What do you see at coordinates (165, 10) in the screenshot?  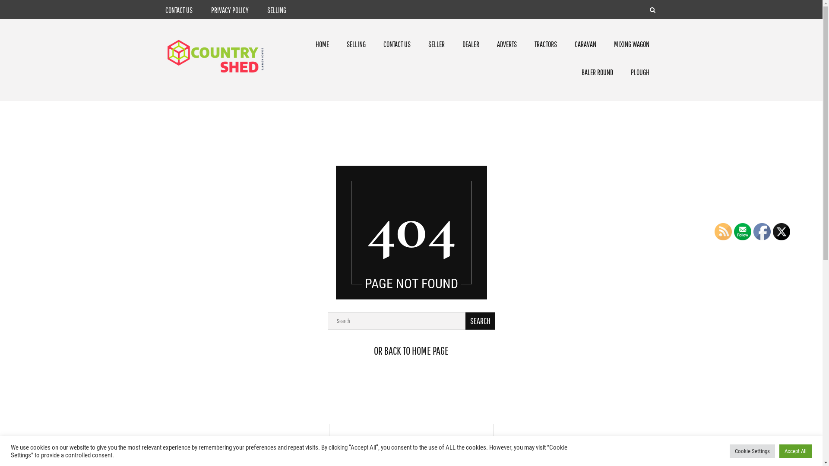 I see `'CONTACT US'` at bounding box center [165, 10].